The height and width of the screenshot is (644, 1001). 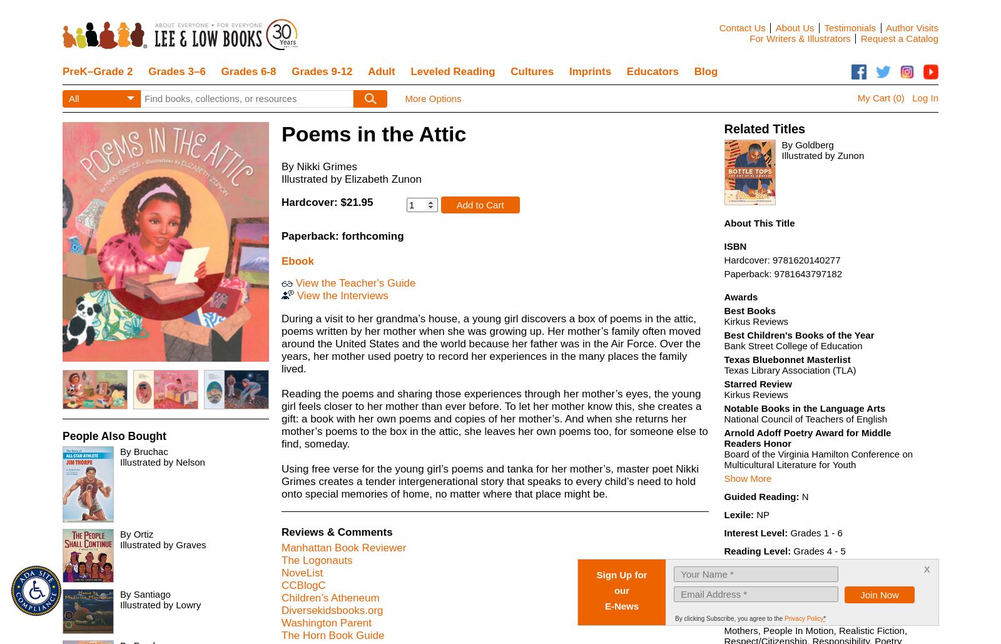 I want to click on 'X', so click(x=339, y=98).